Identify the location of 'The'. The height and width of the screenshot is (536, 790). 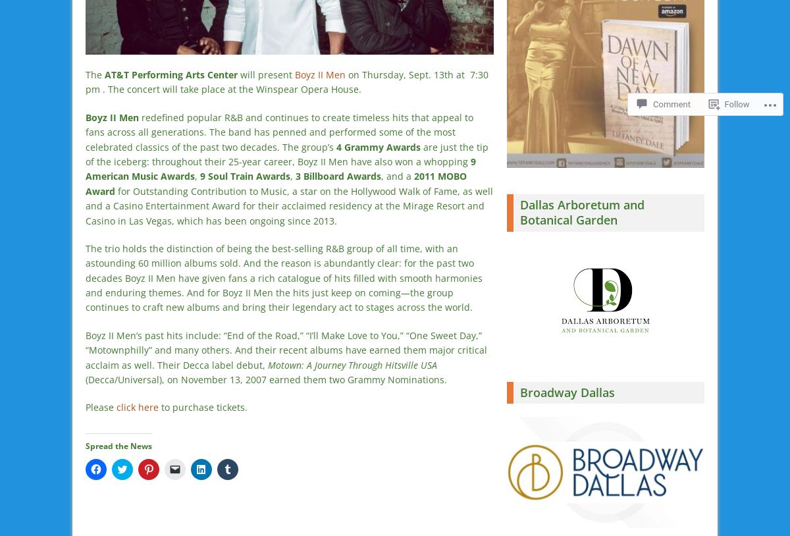
(95, 74).